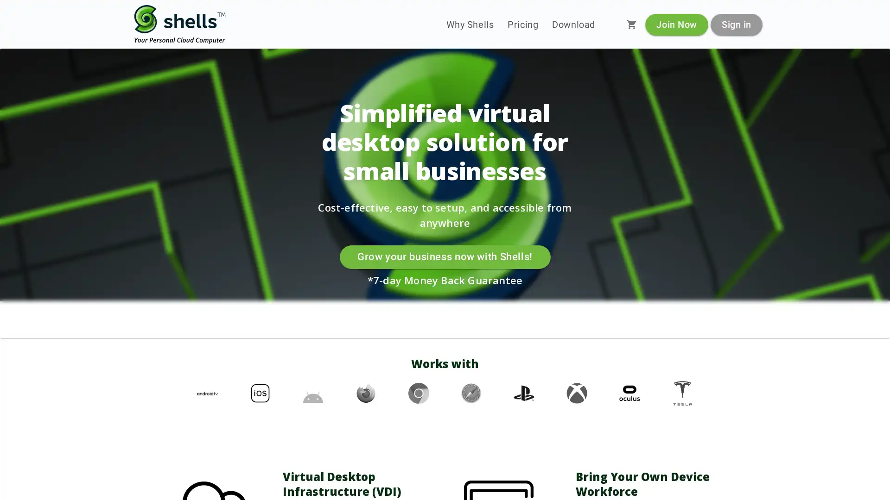  I want to click on Shells Logo, so click(180, 24).